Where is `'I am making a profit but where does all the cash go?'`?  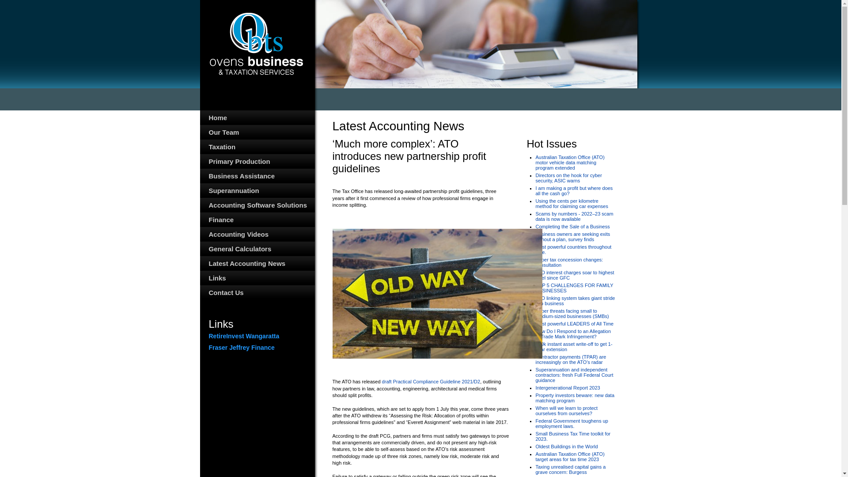
'I am making a profit but where does all the cash go?' is located at coordinates (534, 190).